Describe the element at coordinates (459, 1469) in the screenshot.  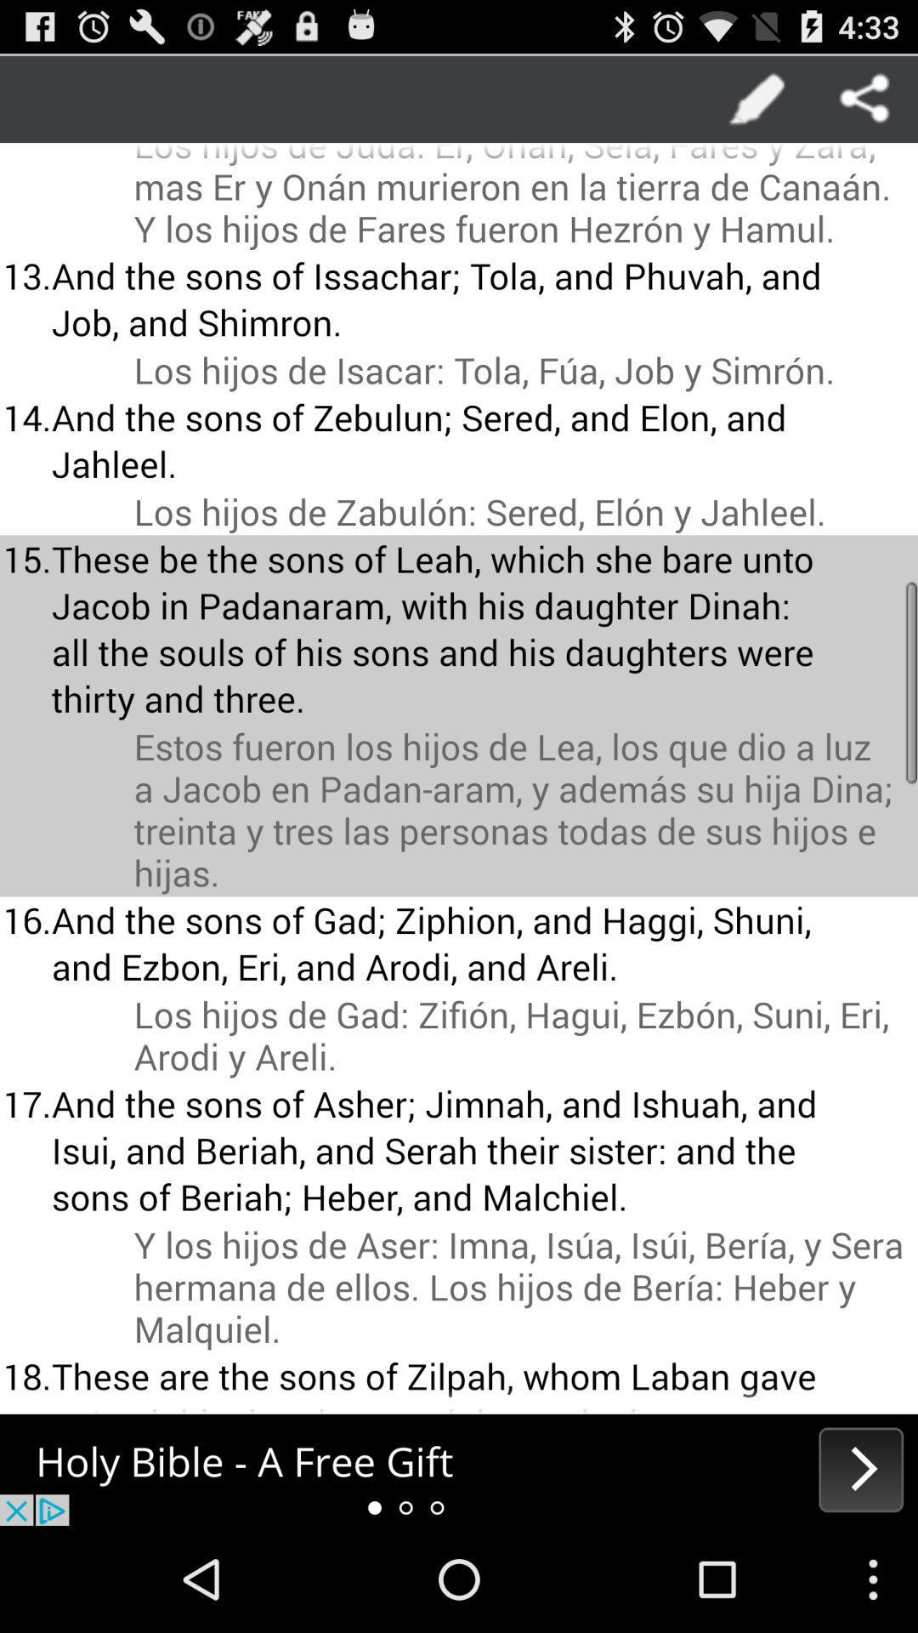
I see `advertisement` at that location.